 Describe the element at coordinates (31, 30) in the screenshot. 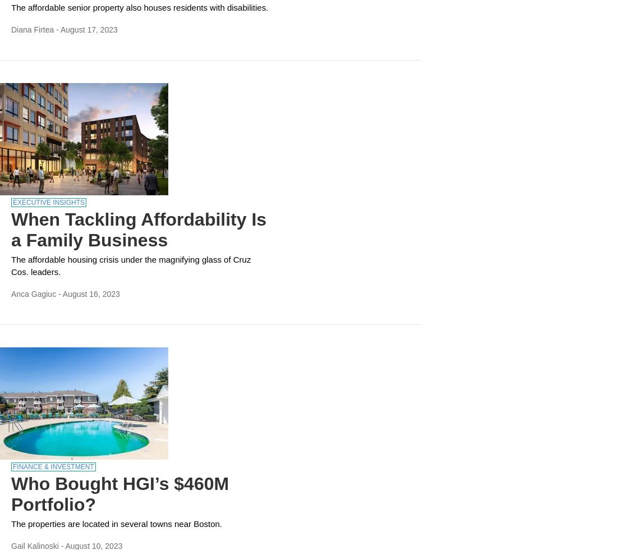

I see `'Diana Firtea'` at that location.